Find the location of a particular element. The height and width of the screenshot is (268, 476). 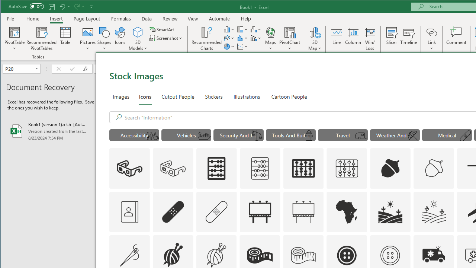

'AutomationID: Icons_Trailer_M' is located at coordinates (361, 136).